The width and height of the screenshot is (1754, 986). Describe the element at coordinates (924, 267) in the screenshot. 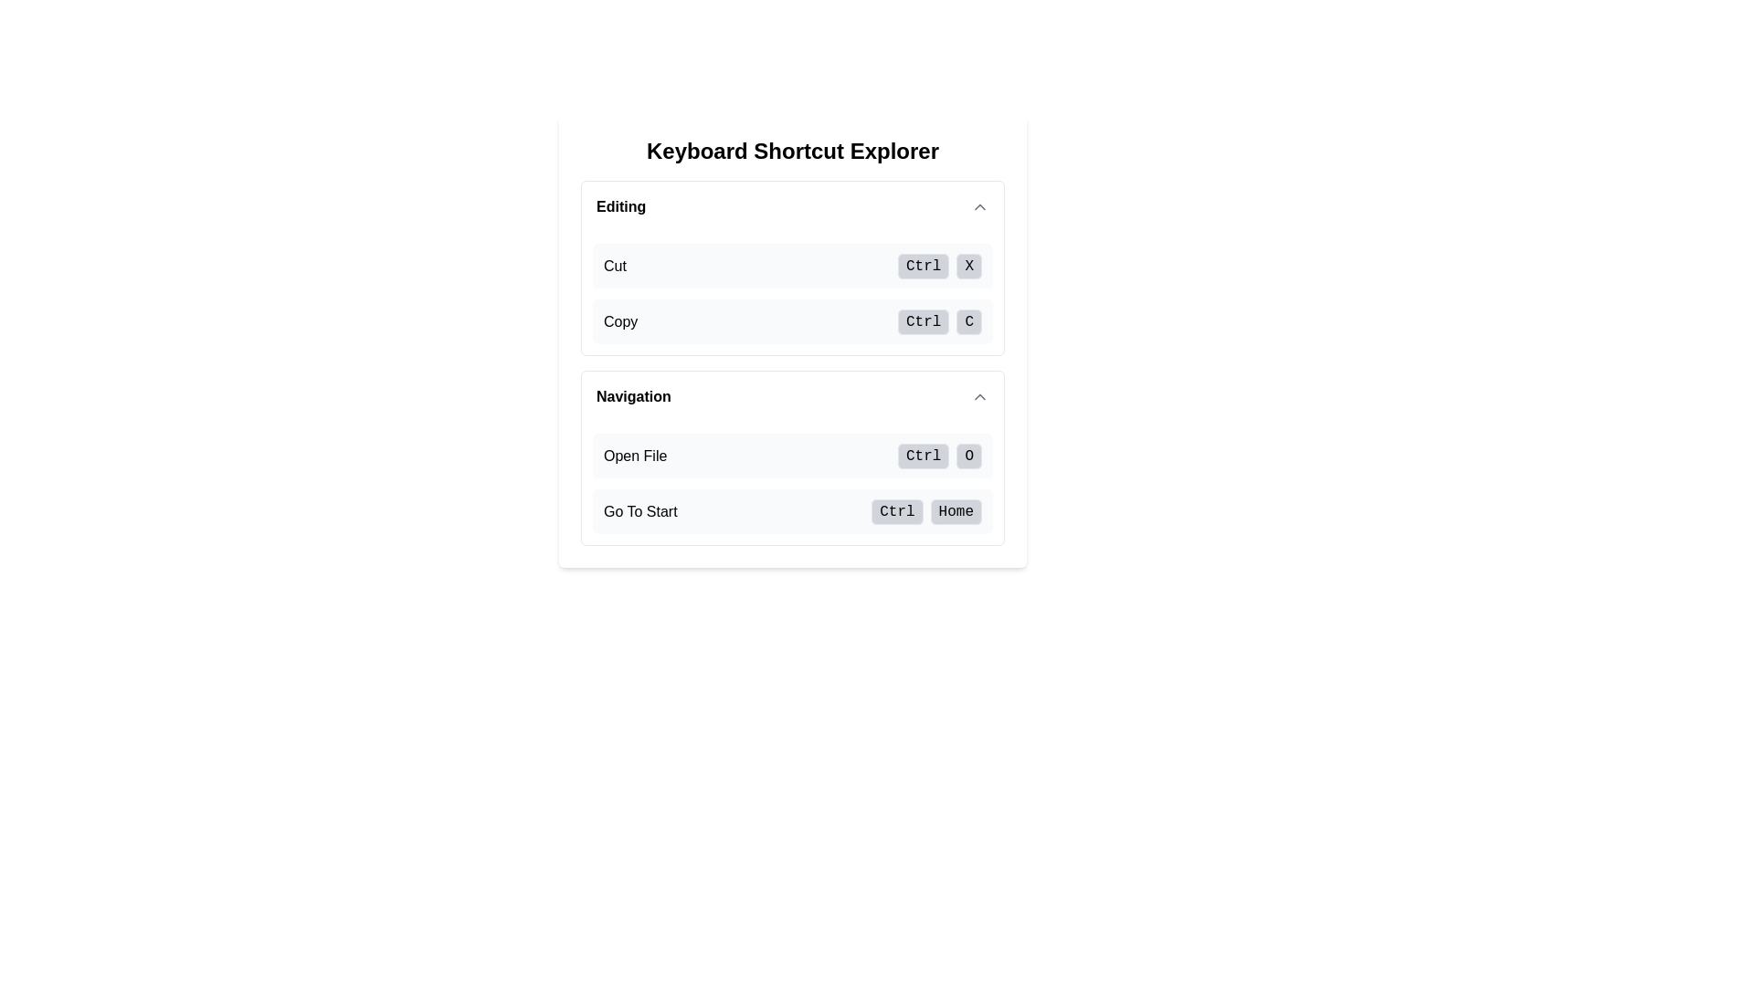

I see `the 'Ctrl' button that represents the 'Ctrl+X' keyboard shortcut for the 'Cut' action, which is part of the 'Editing' section and is the first button in its group` at that location.